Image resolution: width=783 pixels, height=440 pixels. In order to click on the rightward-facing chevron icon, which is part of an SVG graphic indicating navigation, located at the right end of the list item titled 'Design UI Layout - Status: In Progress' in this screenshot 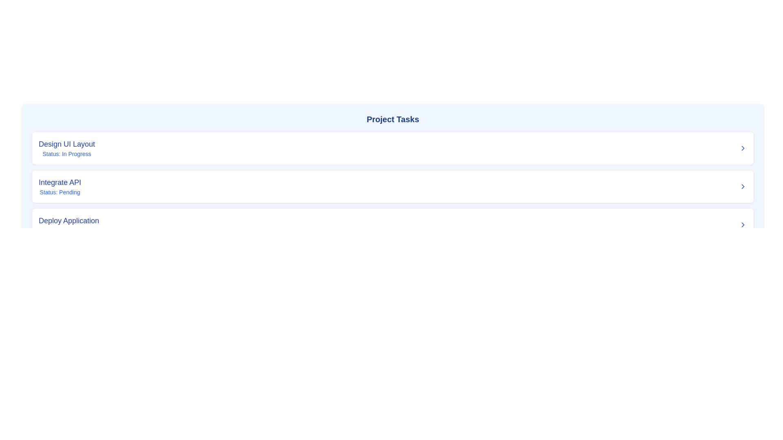, I will do `click(743, 148)`.